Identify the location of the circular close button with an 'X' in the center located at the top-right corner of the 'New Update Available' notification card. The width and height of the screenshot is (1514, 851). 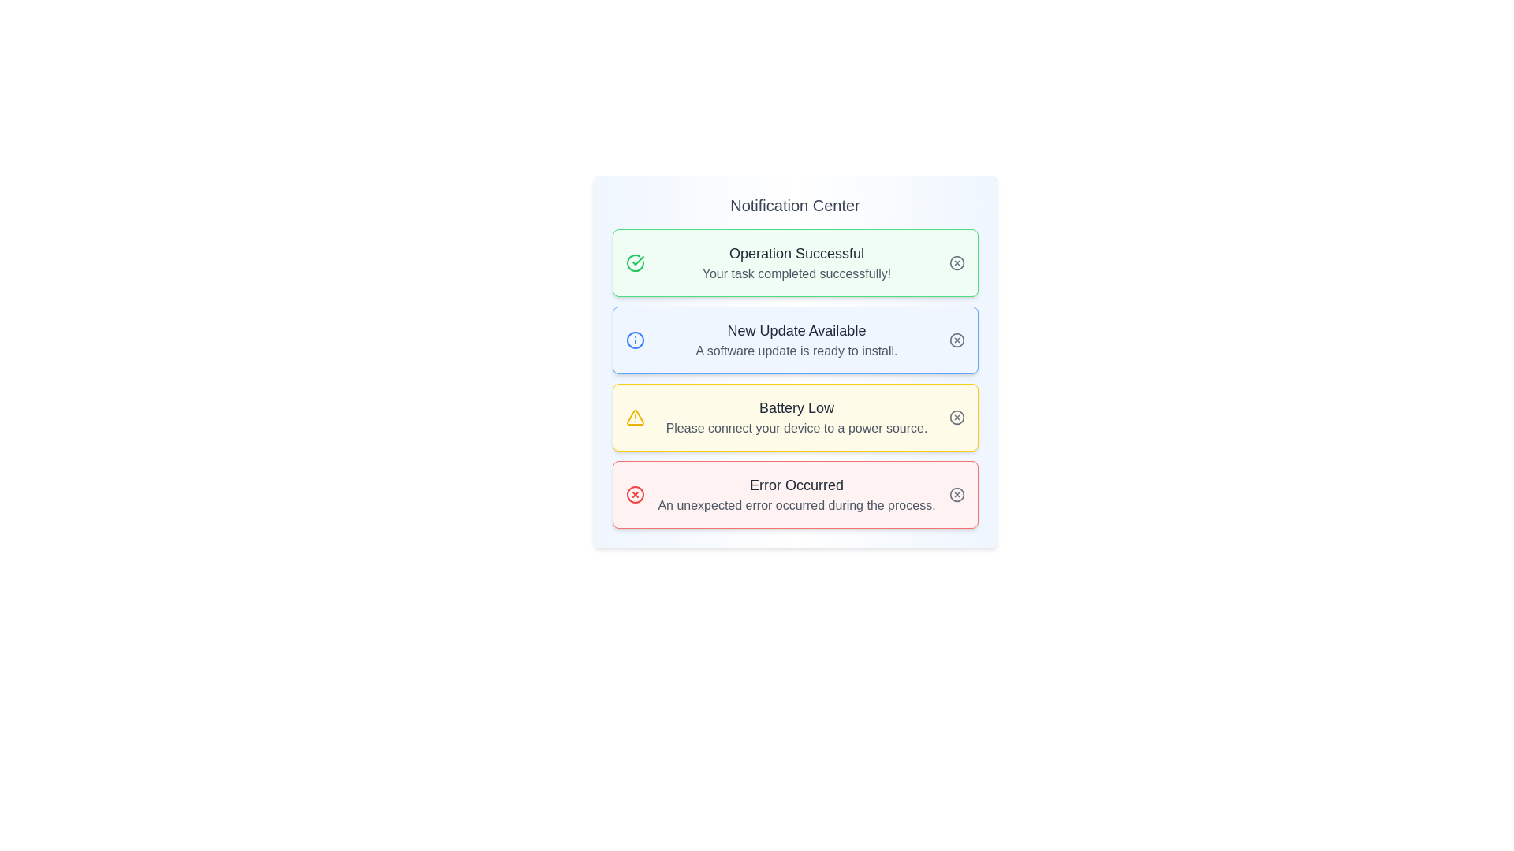
(956, 340).